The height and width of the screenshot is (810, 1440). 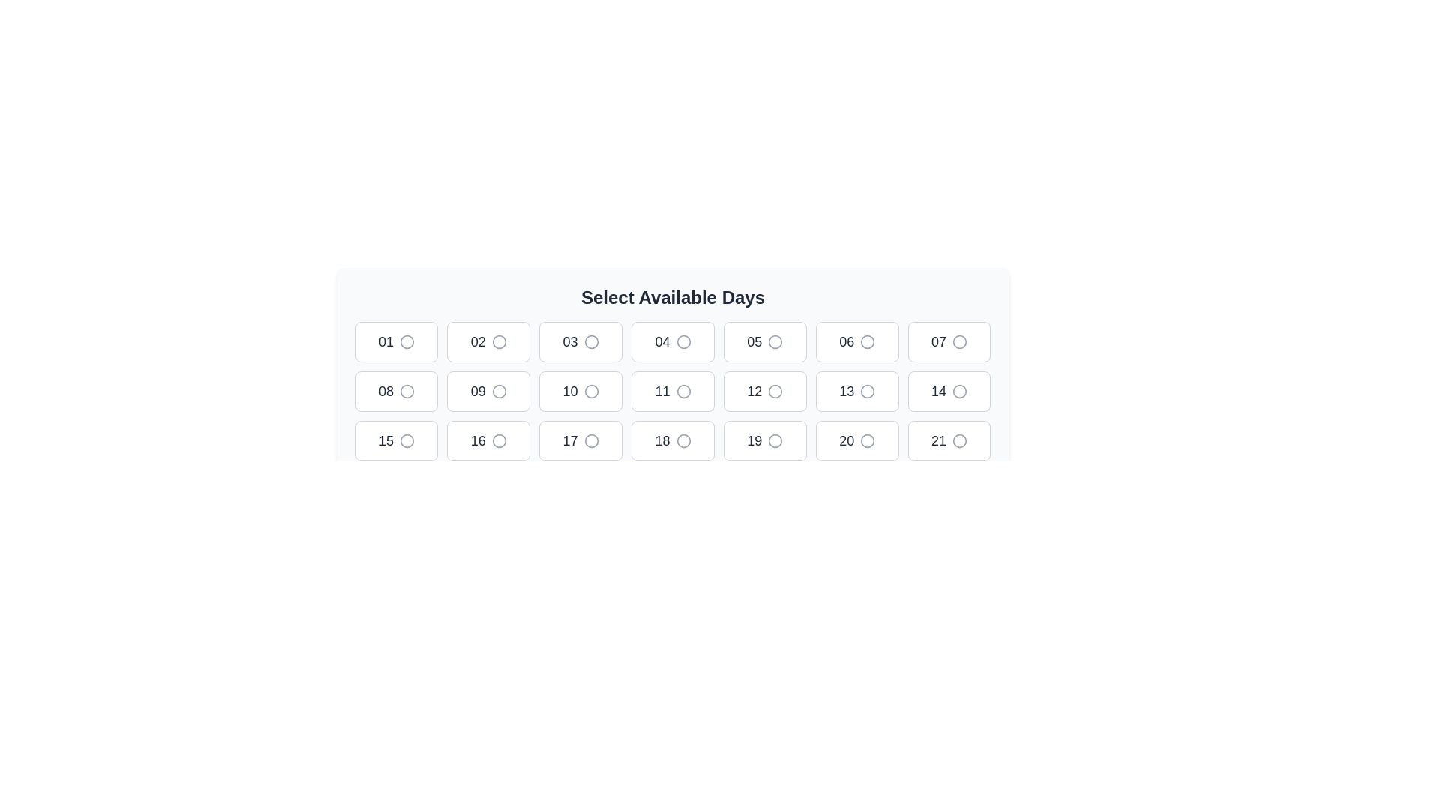 What do you see at coordinates (960, 390) in the screenshot?
I see `the circular radio button element, which is outlined by a rounded edge and is part of an SVG graphic, located in the seventh column of the second row in a grid of selectable days` at bounding box center [960, 390].